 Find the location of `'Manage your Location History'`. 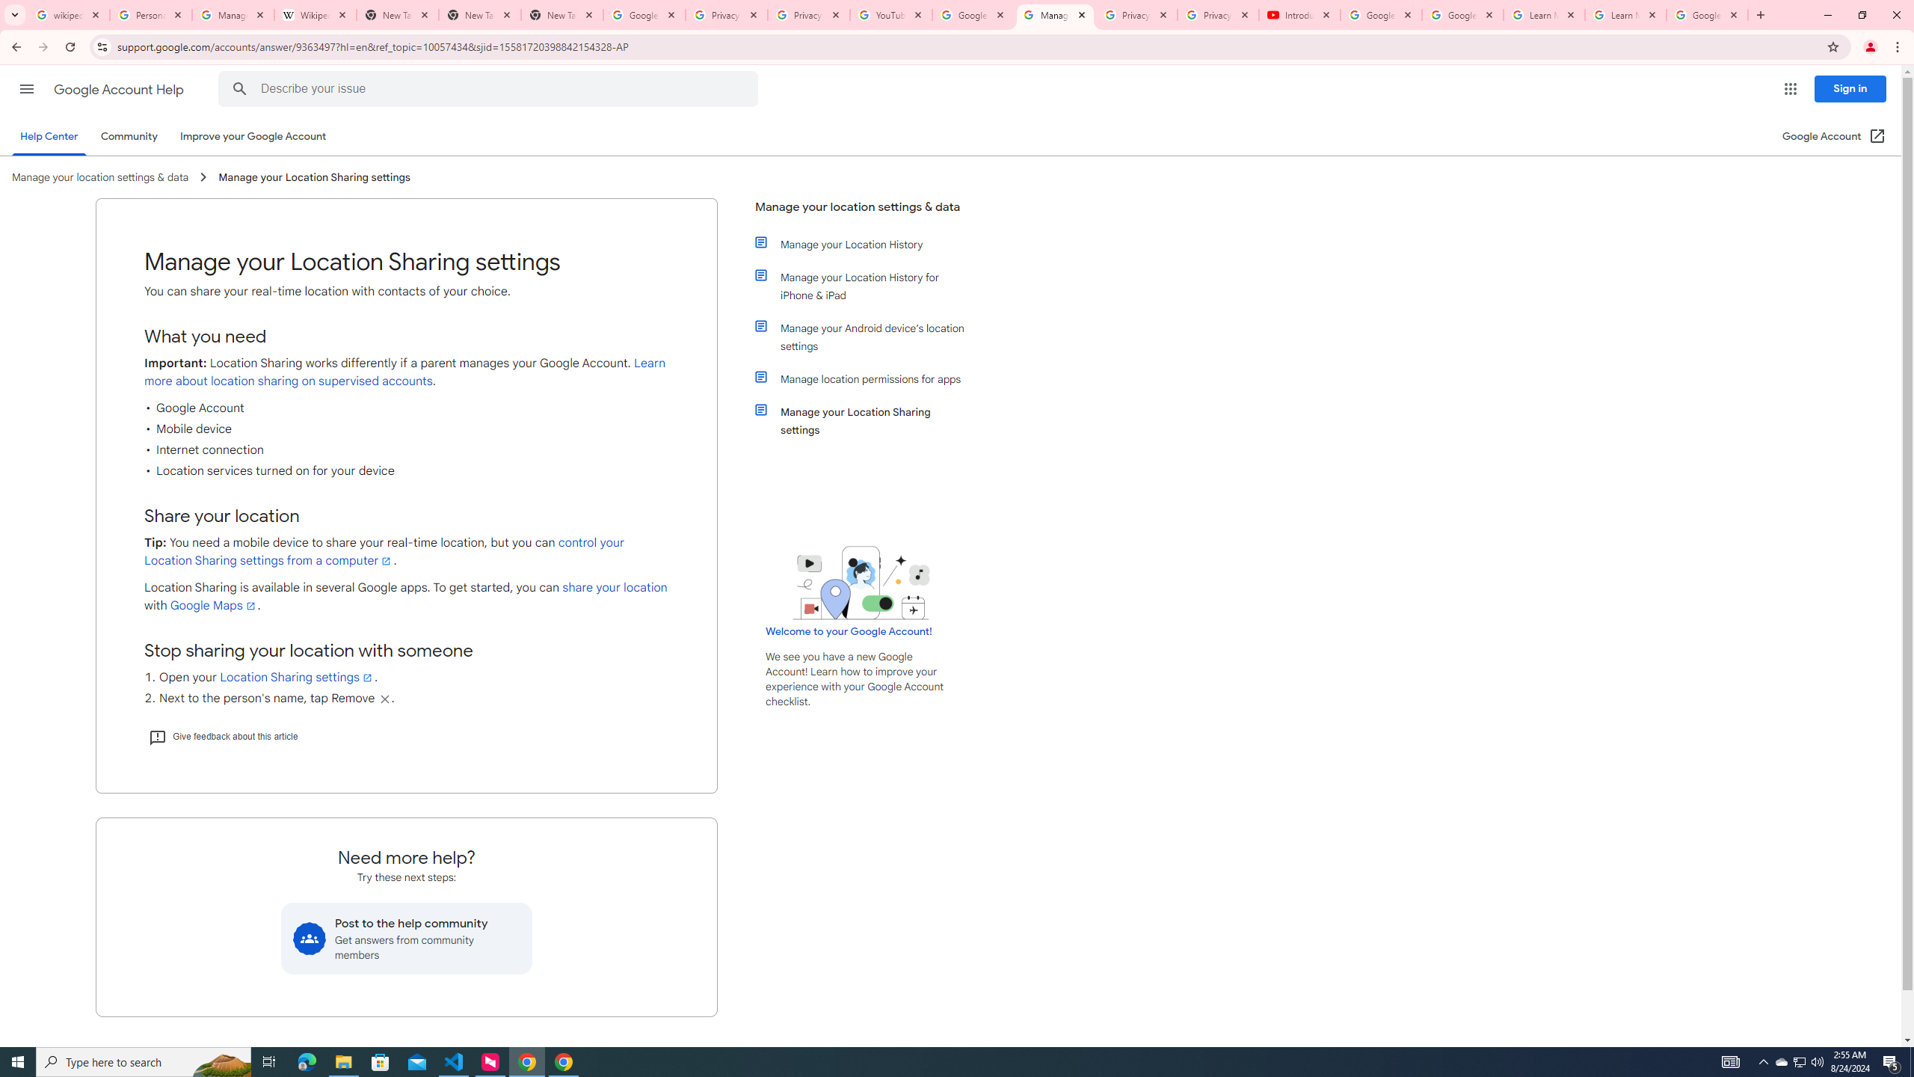

'Manage your Location History' is located at coordinates (869, 243).